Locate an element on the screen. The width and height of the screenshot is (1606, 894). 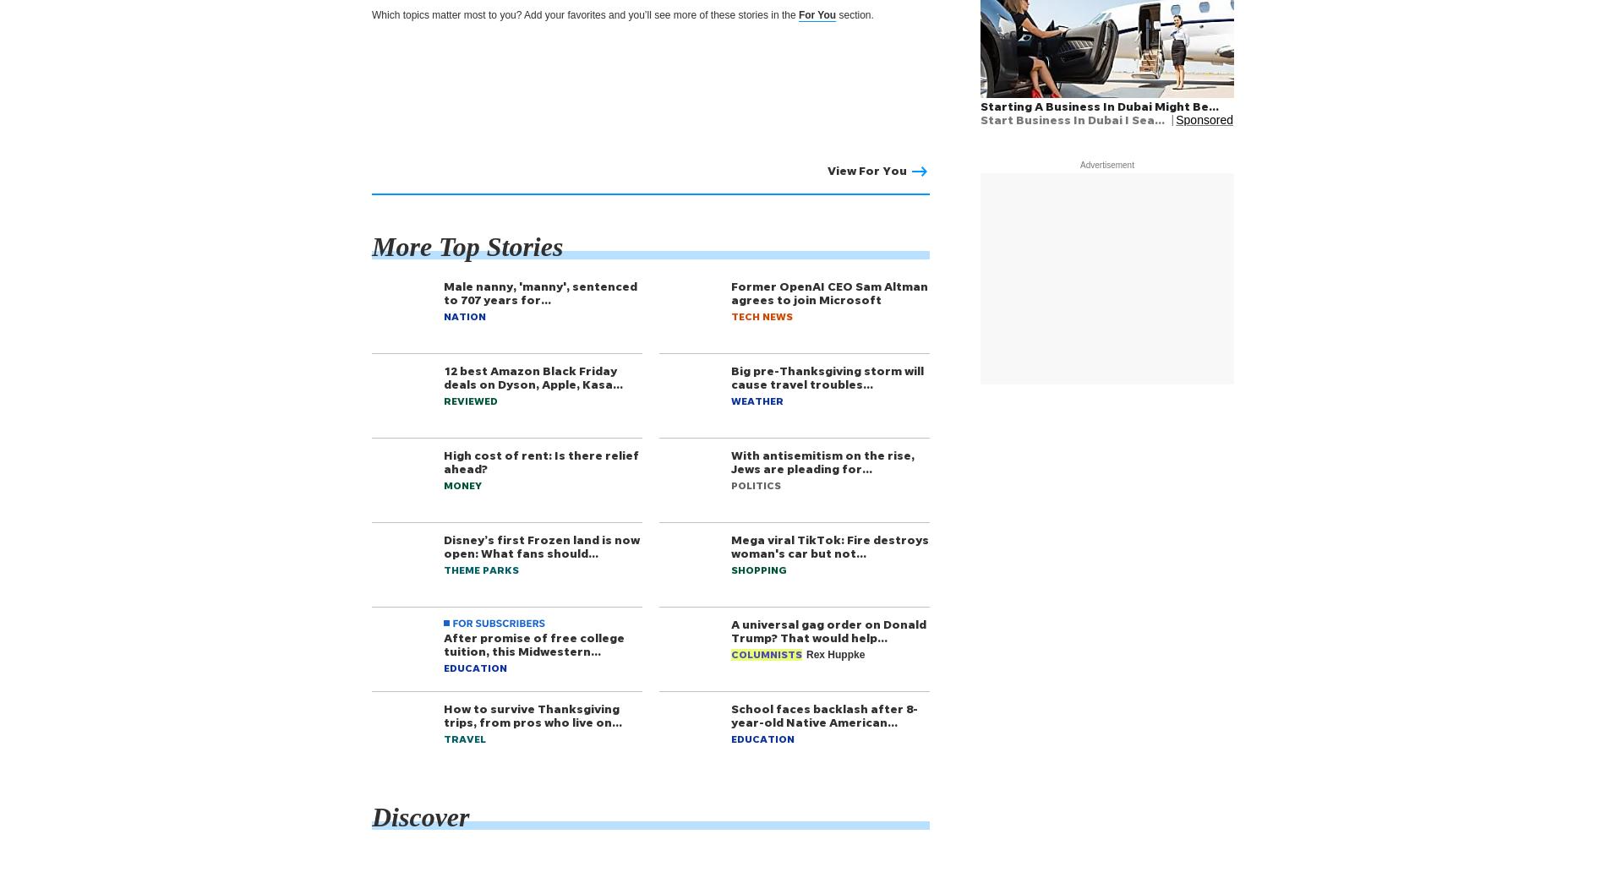
'How to survive Thanksgiving trips, from pros who live on…' is located at coordinates (533, 714).